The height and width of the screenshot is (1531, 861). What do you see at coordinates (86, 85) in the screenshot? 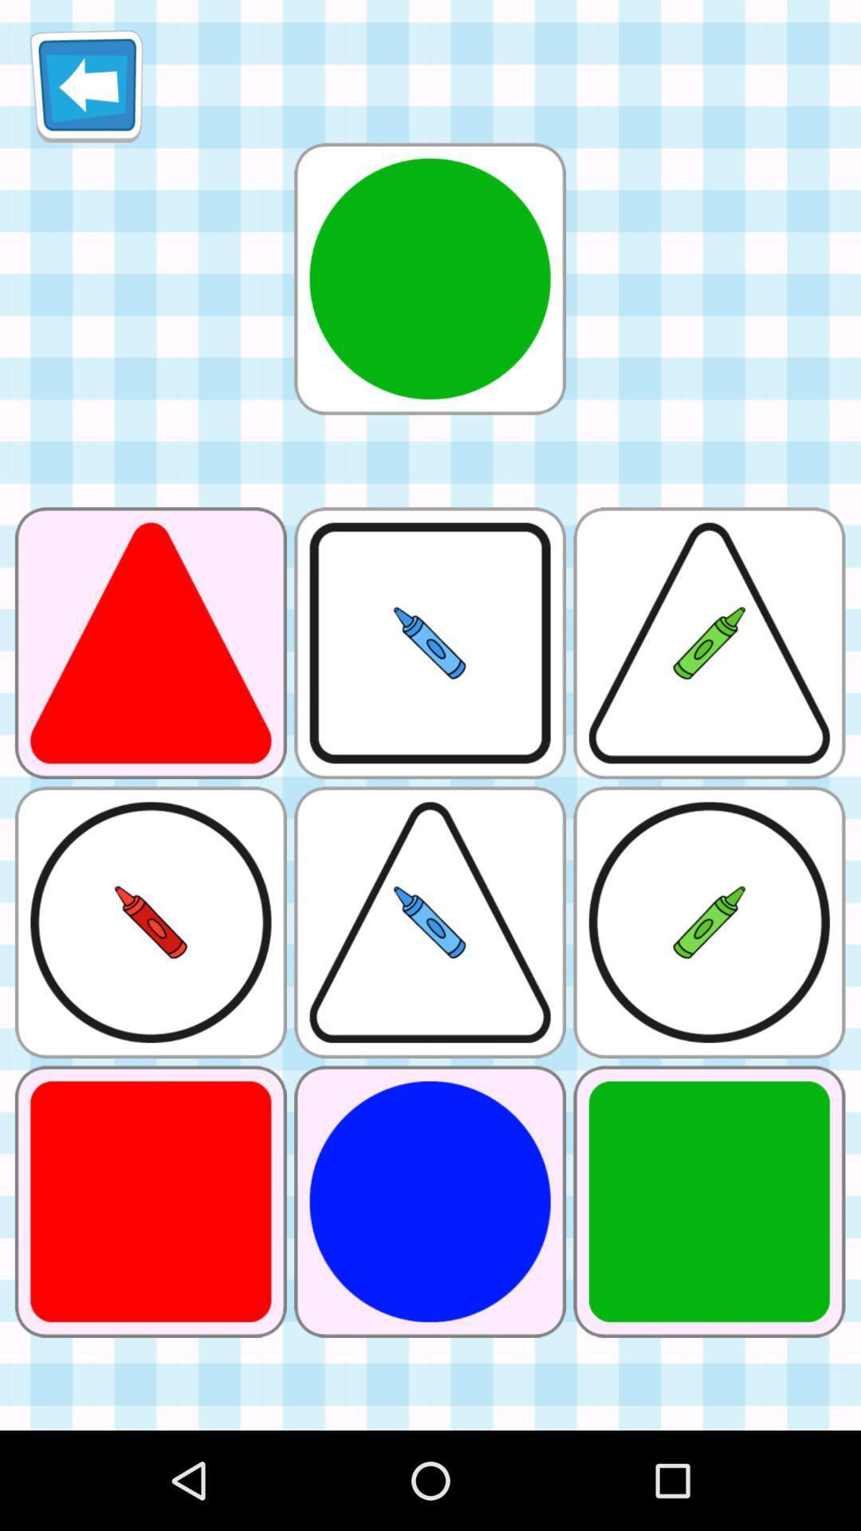
I see `previous` at bounding box center [86, 85].